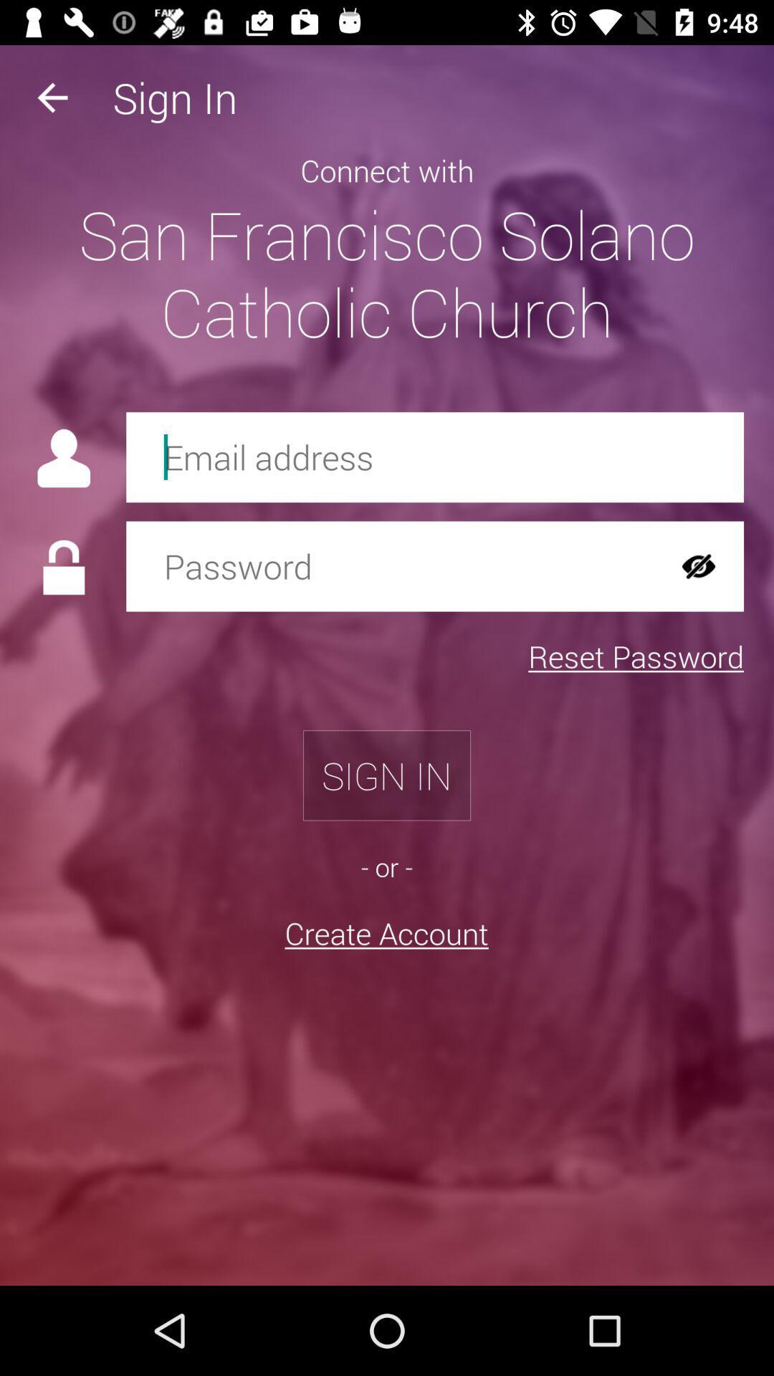 Image resolution: width=774 pixels, height=1376 pixels. Describe the element at coordinates (390, 565) in the screenshot. I see `the password` at that location.